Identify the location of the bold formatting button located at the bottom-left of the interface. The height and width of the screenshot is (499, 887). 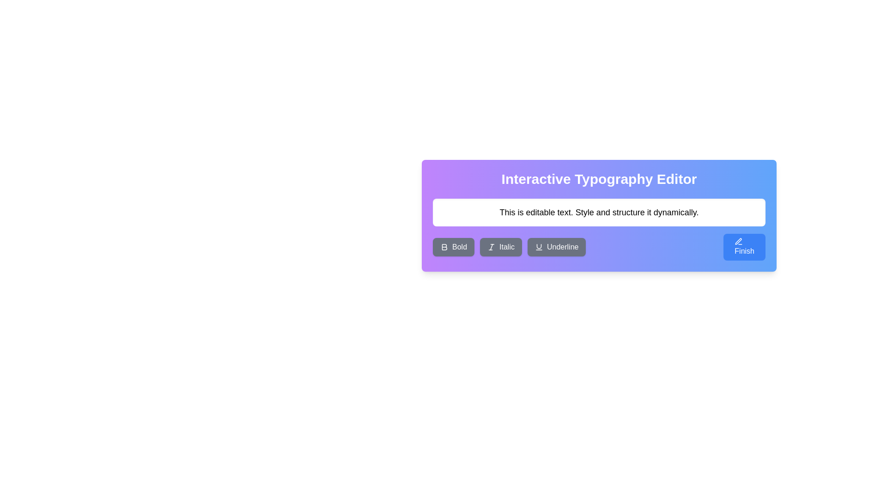
(454, 247).